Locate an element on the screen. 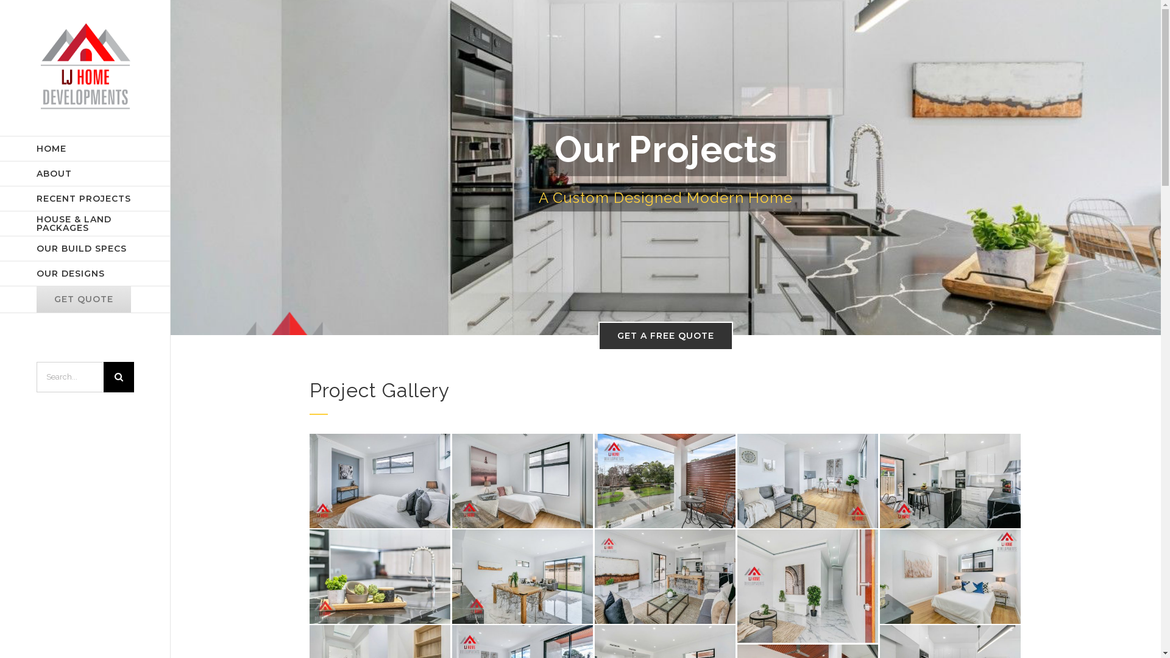 The width and height of the screenshot is (1170, 658). 'GET A FREE QUOTE' is located at coordinates (665, 336).